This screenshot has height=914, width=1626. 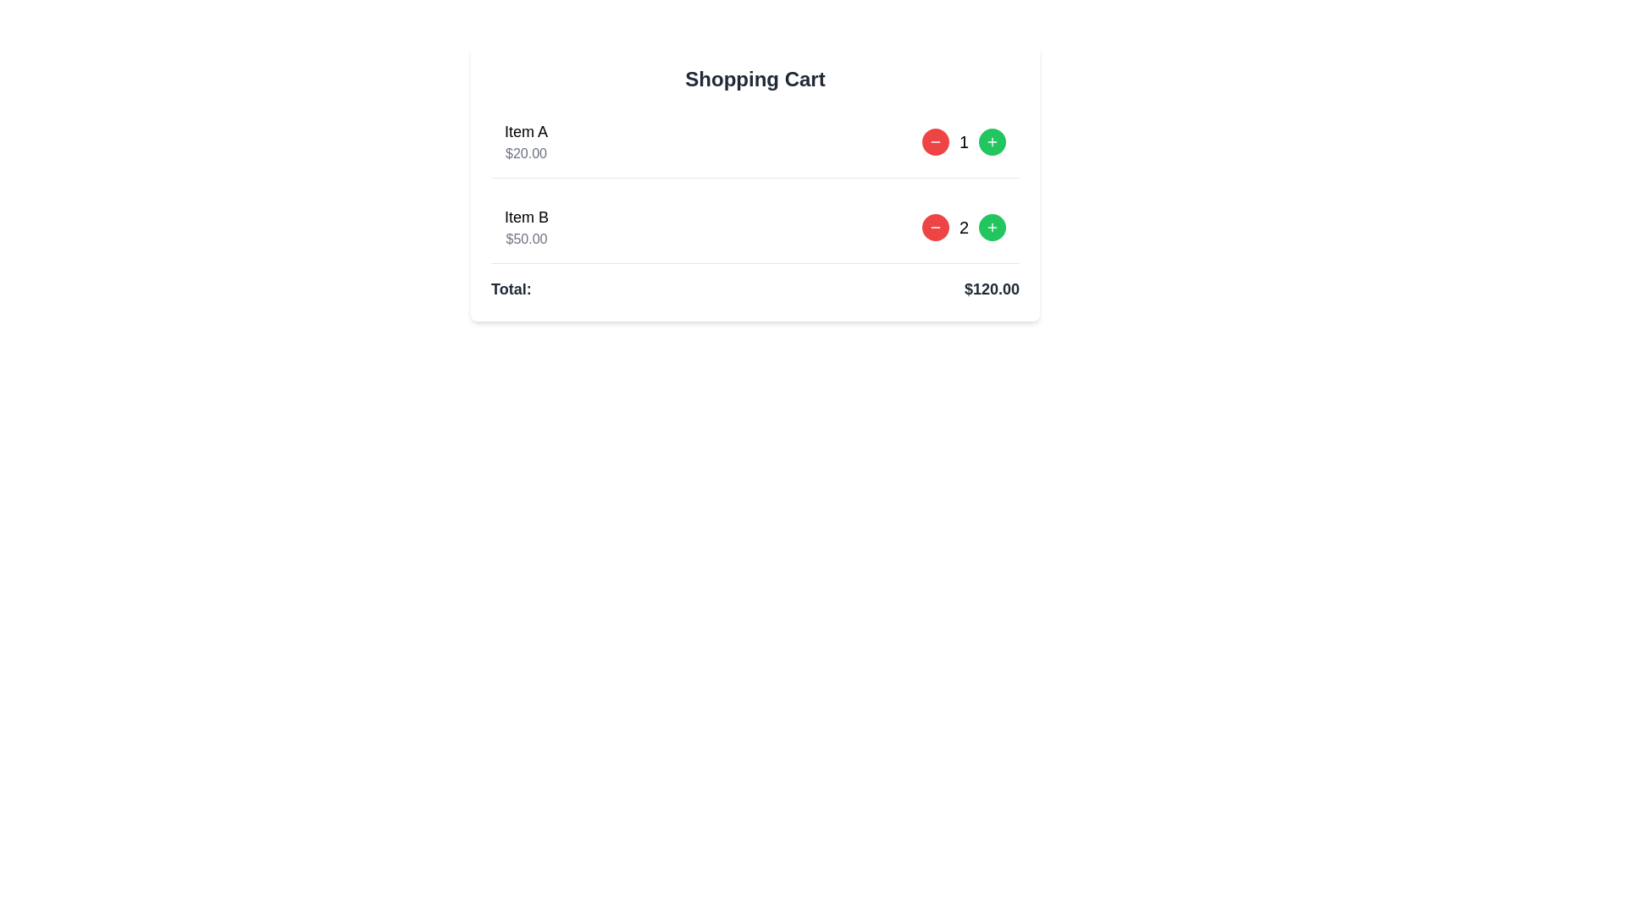 What do you see at coordinates (992, 289) in the screenshot?
I see `displayed price from the 'Total:' text element located at the bottom of the shopping cart summary, aligned to the right side of the label 'Total:'` at bounding box center [992, 289].